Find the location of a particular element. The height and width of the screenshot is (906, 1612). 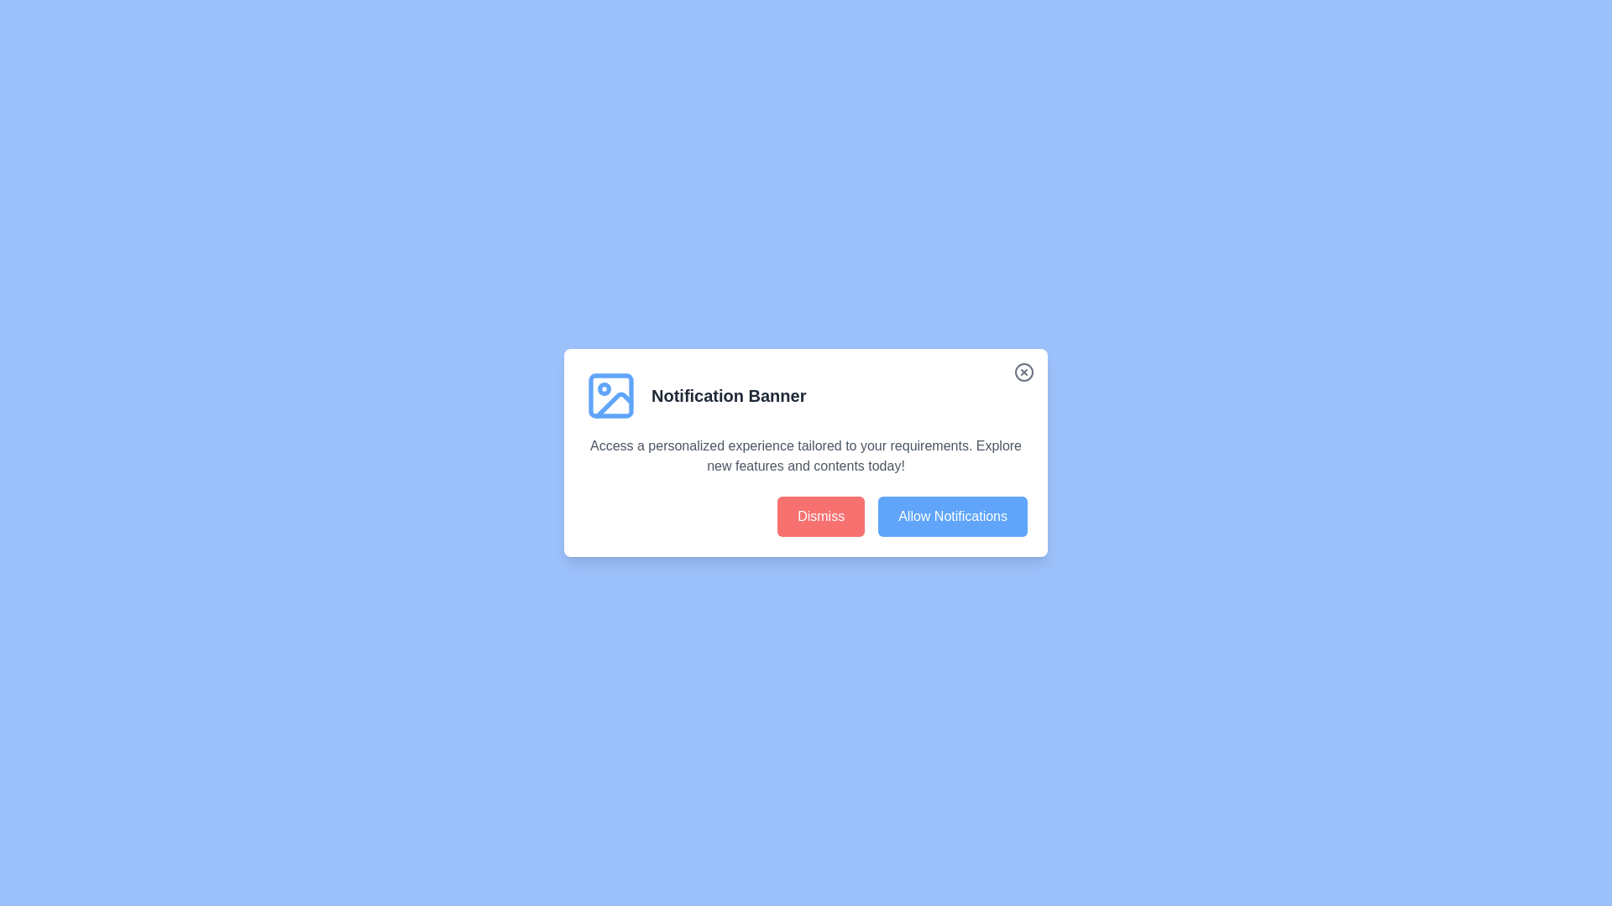

the 'X' button at the top-right corner of the banner to close it is located at coordinates (1023, 371).